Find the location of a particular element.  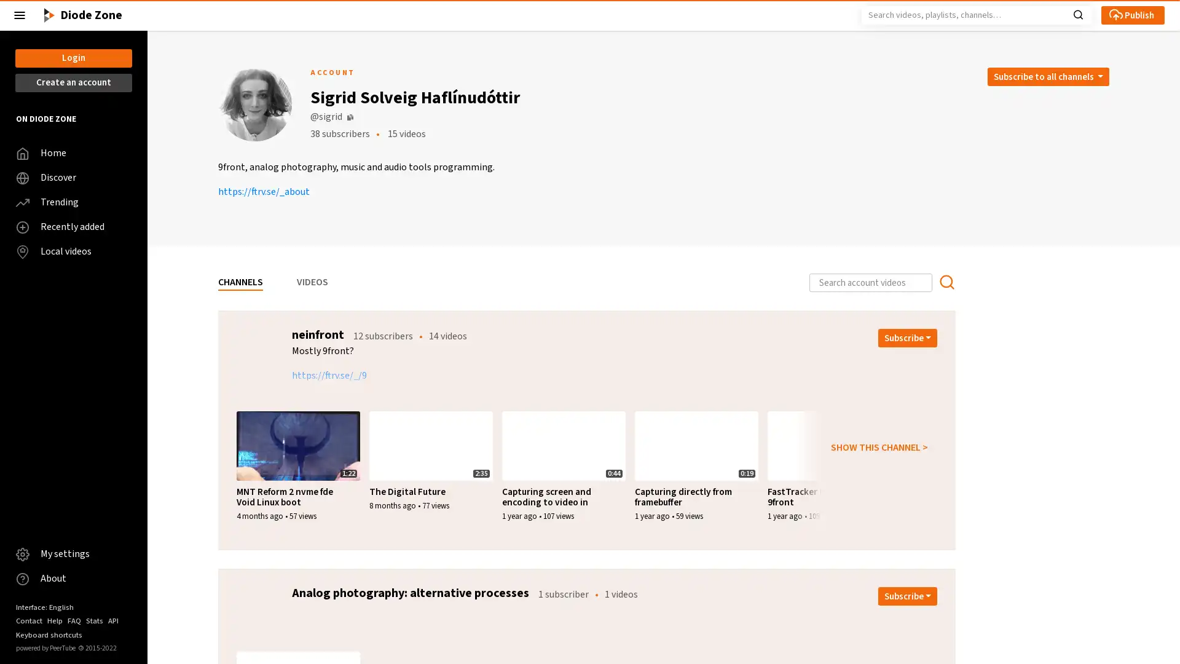

Search is located at coordinates (1077, 14).